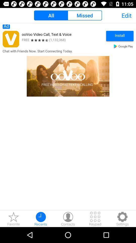 The height and width of the screenshot is (243, 136). What do you see at coordinates (41, 218) in the screenshot?
I see `recents button` at bounding box center [41, 218].